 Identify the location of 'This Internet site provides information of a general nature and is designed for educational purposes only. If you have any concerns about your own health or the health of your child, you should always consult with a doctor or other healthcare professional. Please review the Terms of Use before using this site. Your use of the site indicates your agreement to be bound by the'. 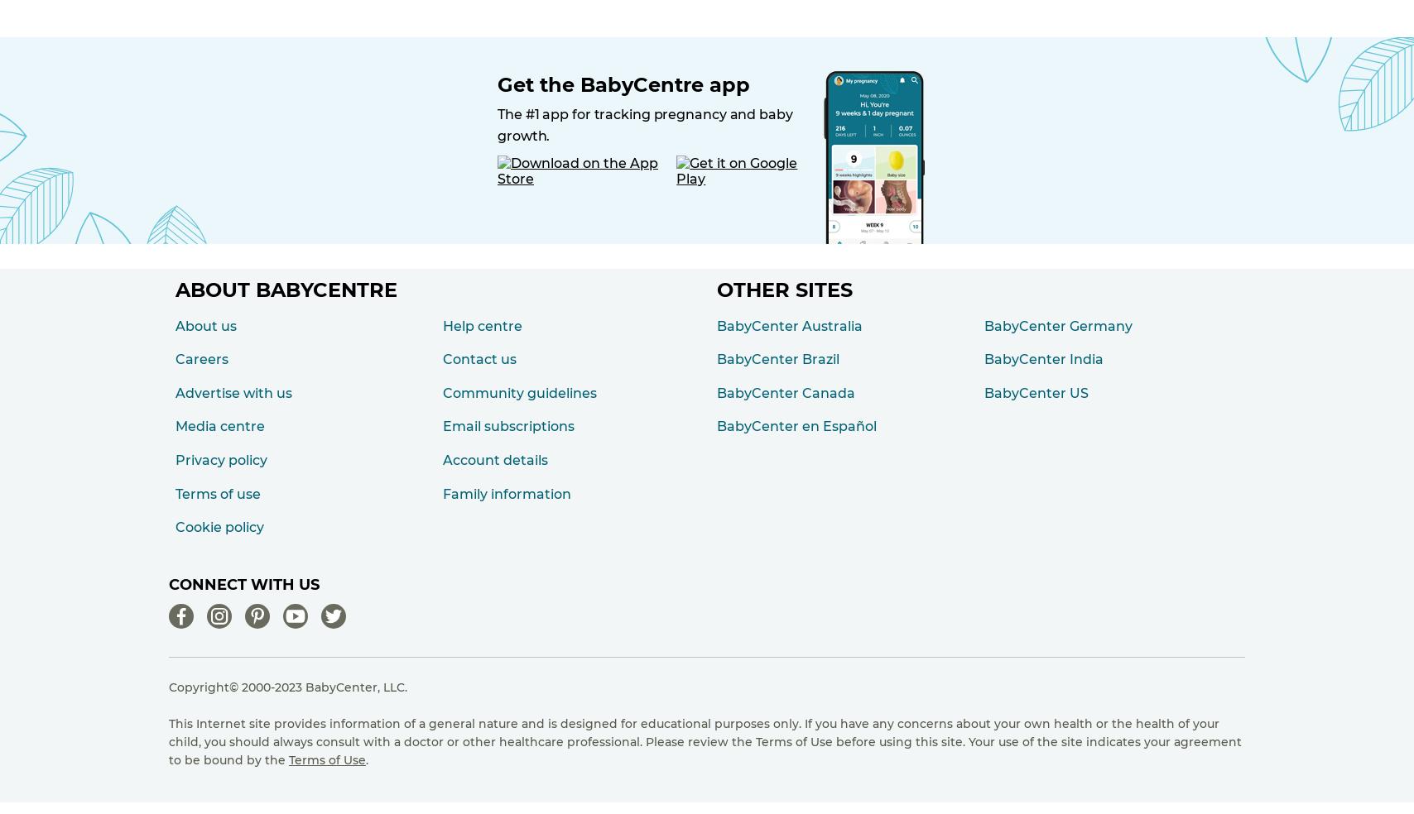
(705, 741).